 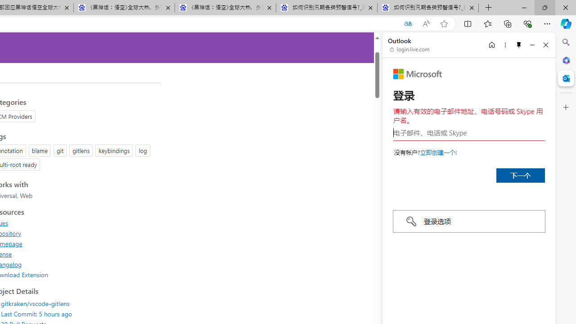 What do you see at coordinates (407, 23) in the screenshot?
I see `'Translated'` at bounding box center [407, 23].